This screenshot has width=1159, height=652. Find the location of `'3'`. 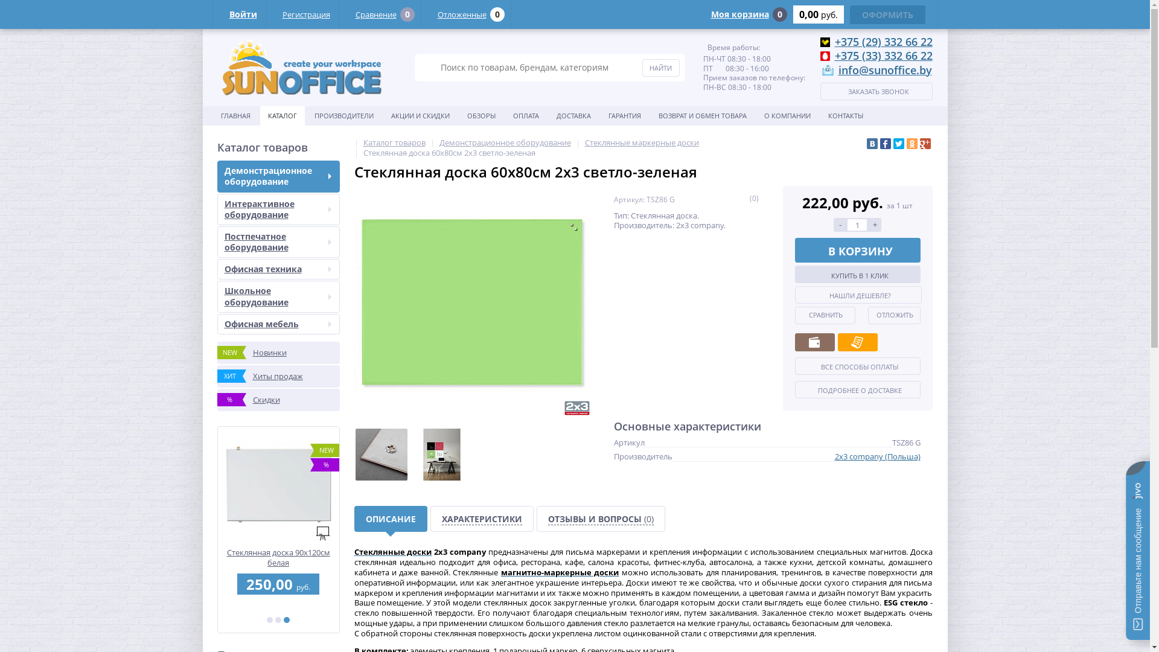

'3' is located at coordinates (286, 619).